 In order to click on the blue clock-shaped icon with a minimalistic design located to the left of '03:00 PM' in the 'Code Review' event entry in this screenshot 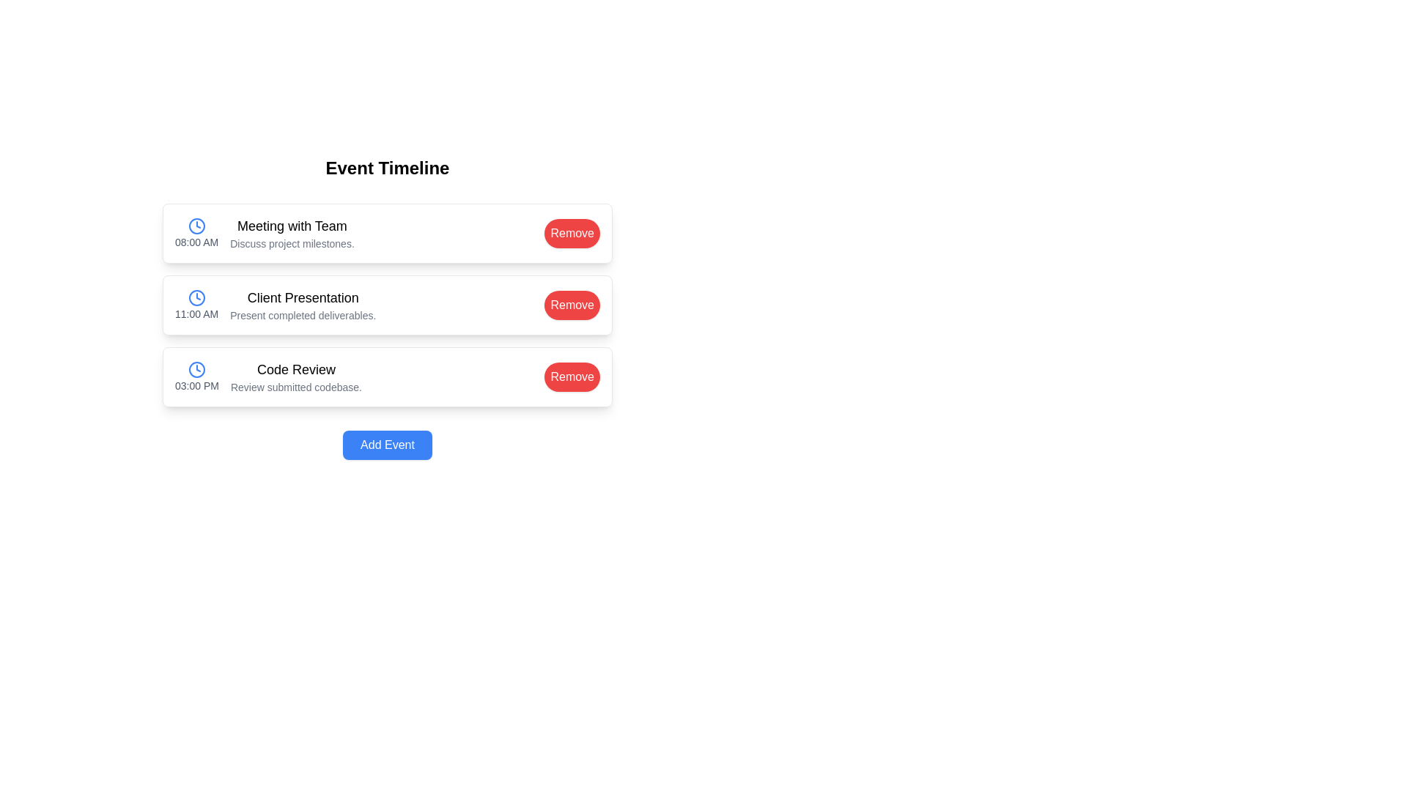, I will do `click(196, 369)`.